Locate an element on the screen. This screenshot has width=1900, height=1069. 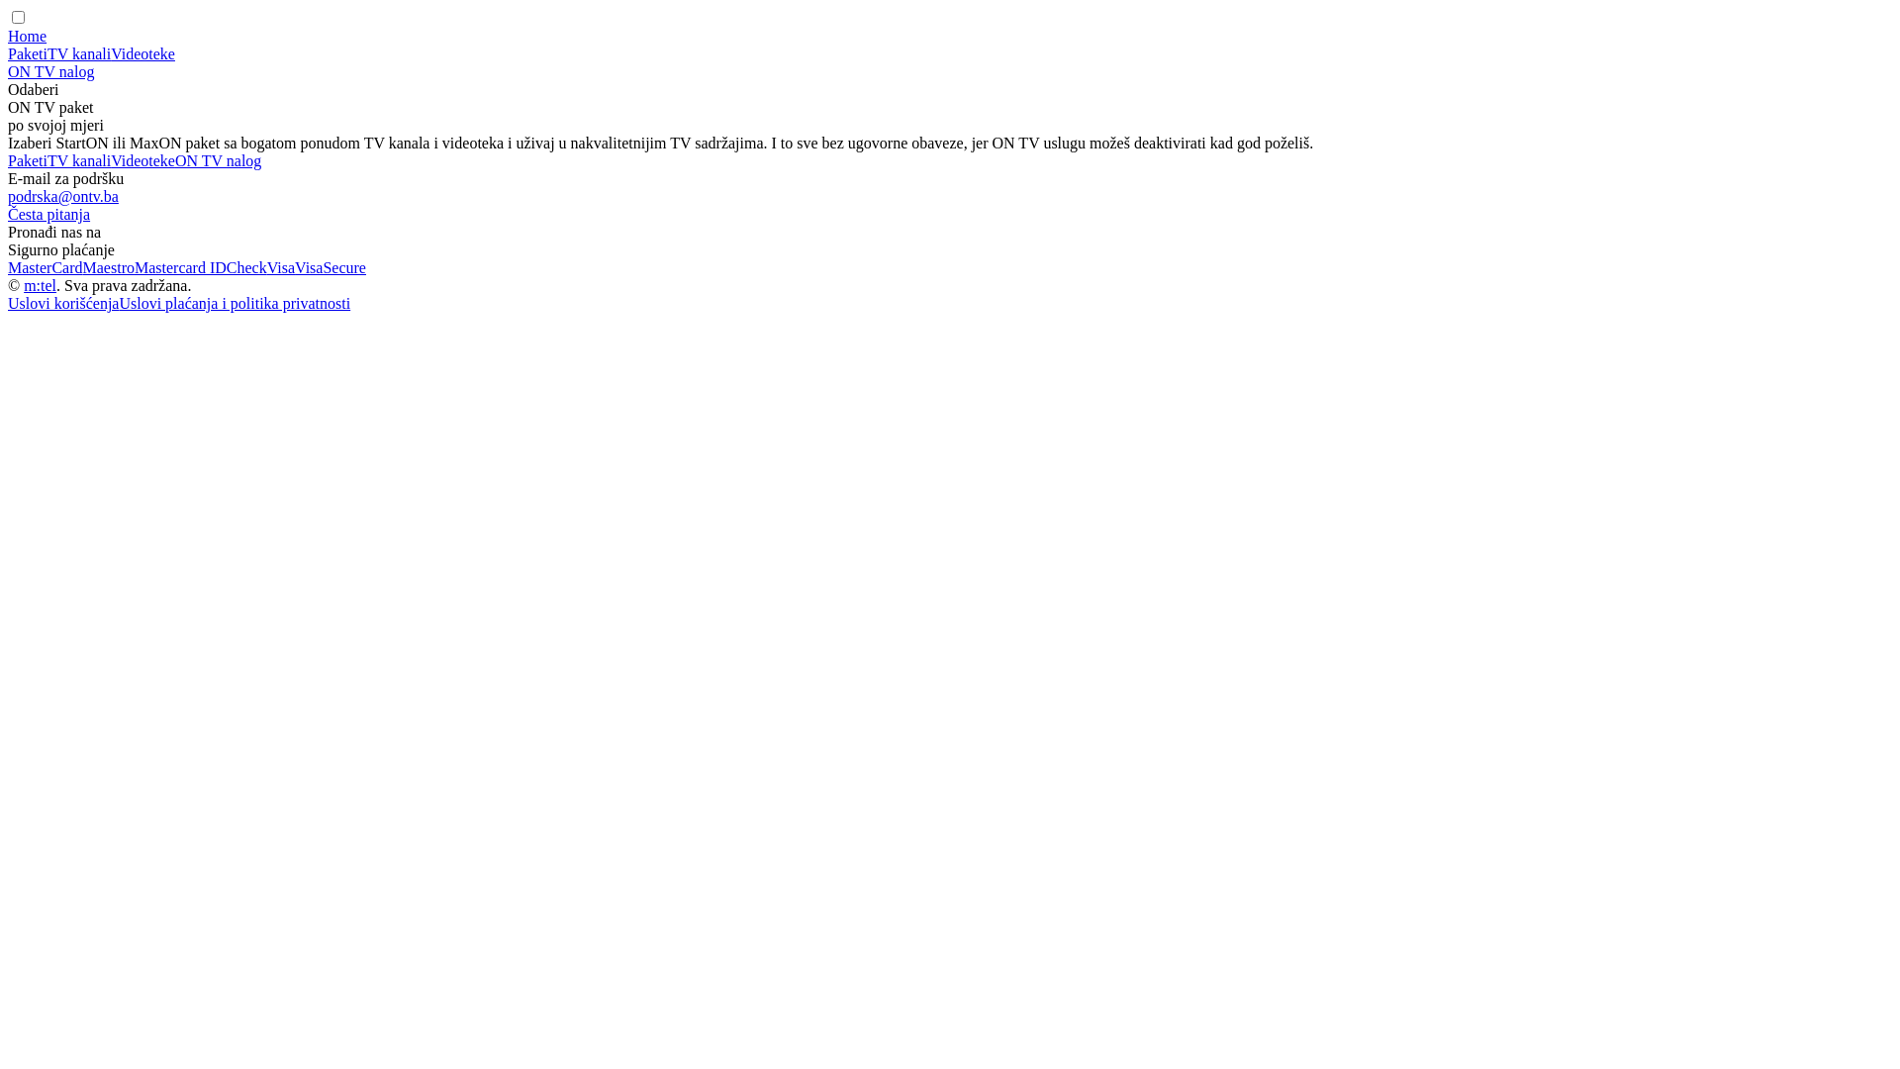
'Visa' is located at coordinates (279, 267).